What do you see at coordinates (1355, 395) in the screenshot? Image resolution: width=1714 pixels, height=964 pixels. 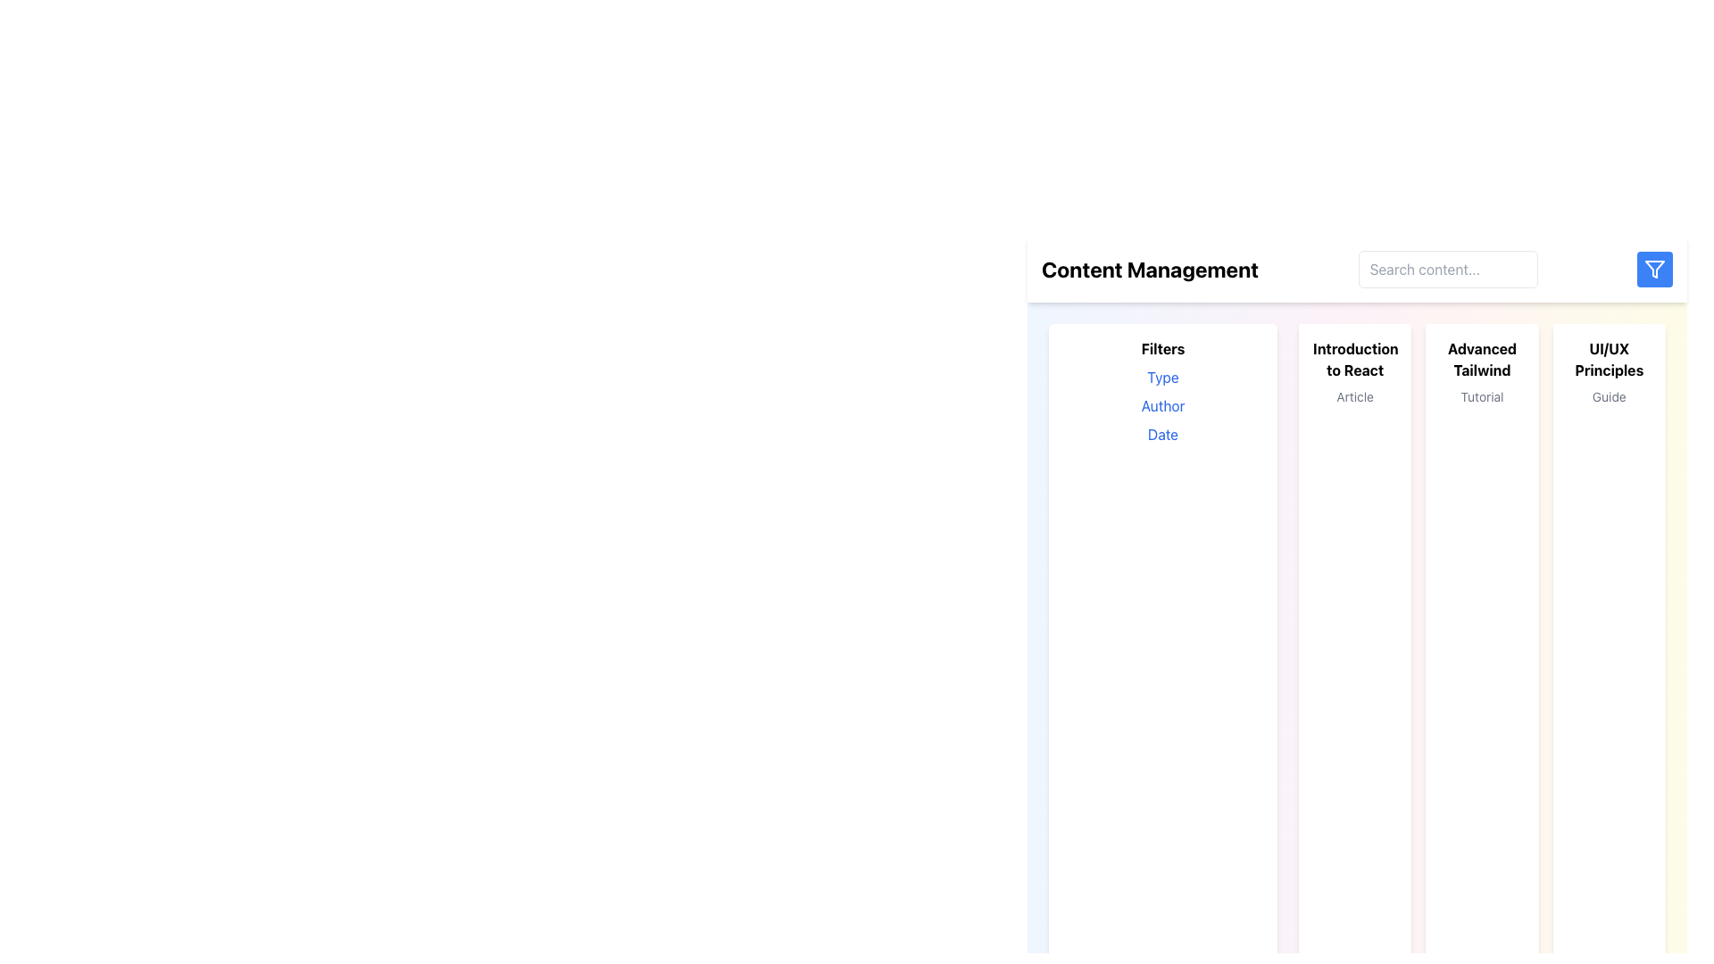 I see `text 'Article' from the text element located under the main heading 'Introduction to React' within the content card` at bounding box center [1355, 395].